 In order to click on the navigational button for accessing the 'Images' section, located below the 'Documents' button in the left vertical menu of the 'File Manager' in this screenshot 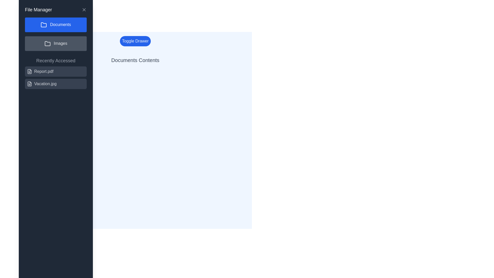, I will do `click(56, 43)`.